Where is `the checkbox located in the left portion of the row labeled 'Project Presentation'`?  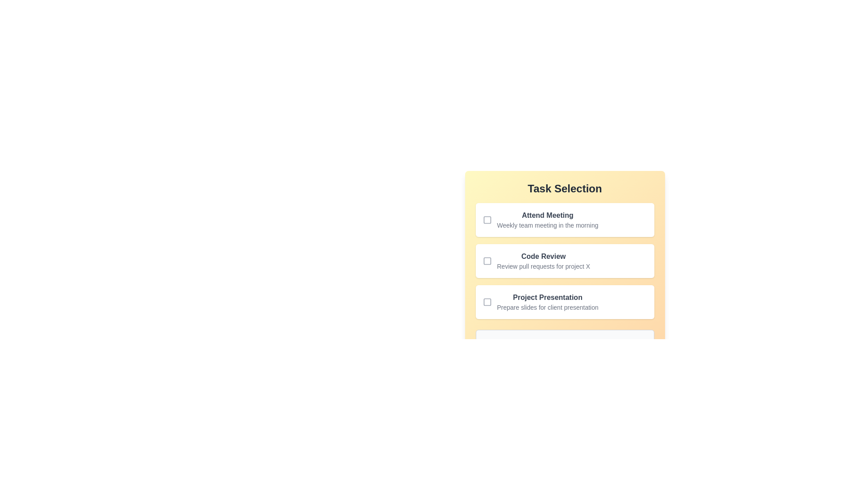
the checkbox located in the left portion of the row labeled 'Project Presentation' is located at coordinates (487, 302).